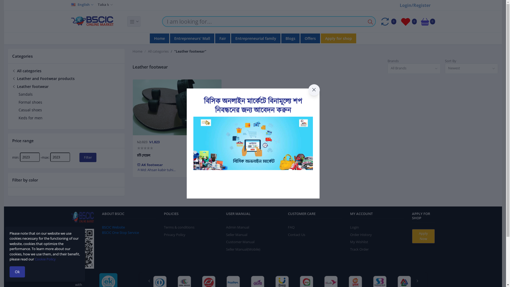  Describe the element at coordinates (471, 68) in the screenshot. I see `'Newest'` at that location.